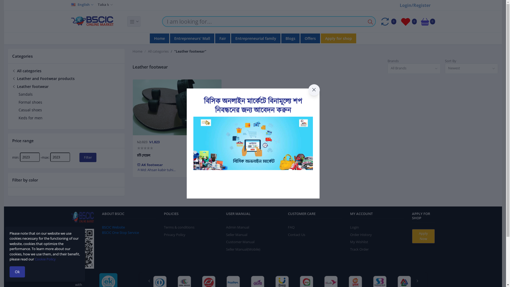  Describe the element at coordinates (471, 68) in the screenshot. I see `'Newest'` at that location.